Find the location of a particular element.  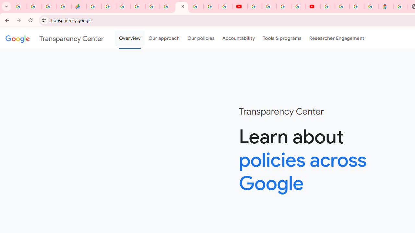

'Privacy Checkup' is located at coordinates (225, 6).